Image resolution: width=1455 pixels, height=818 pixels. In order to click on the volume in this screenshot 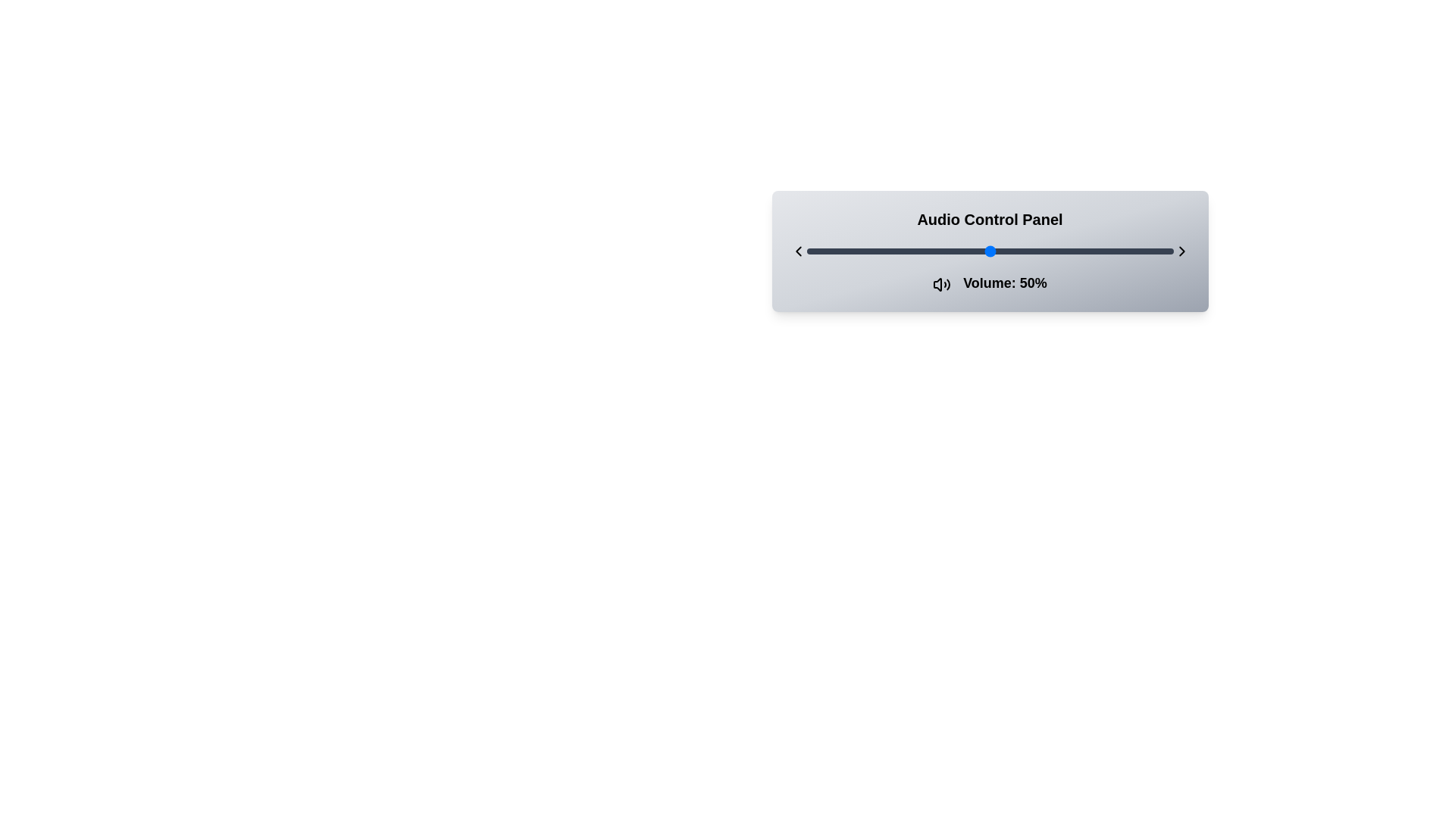, I will do `click(967, 250)`.